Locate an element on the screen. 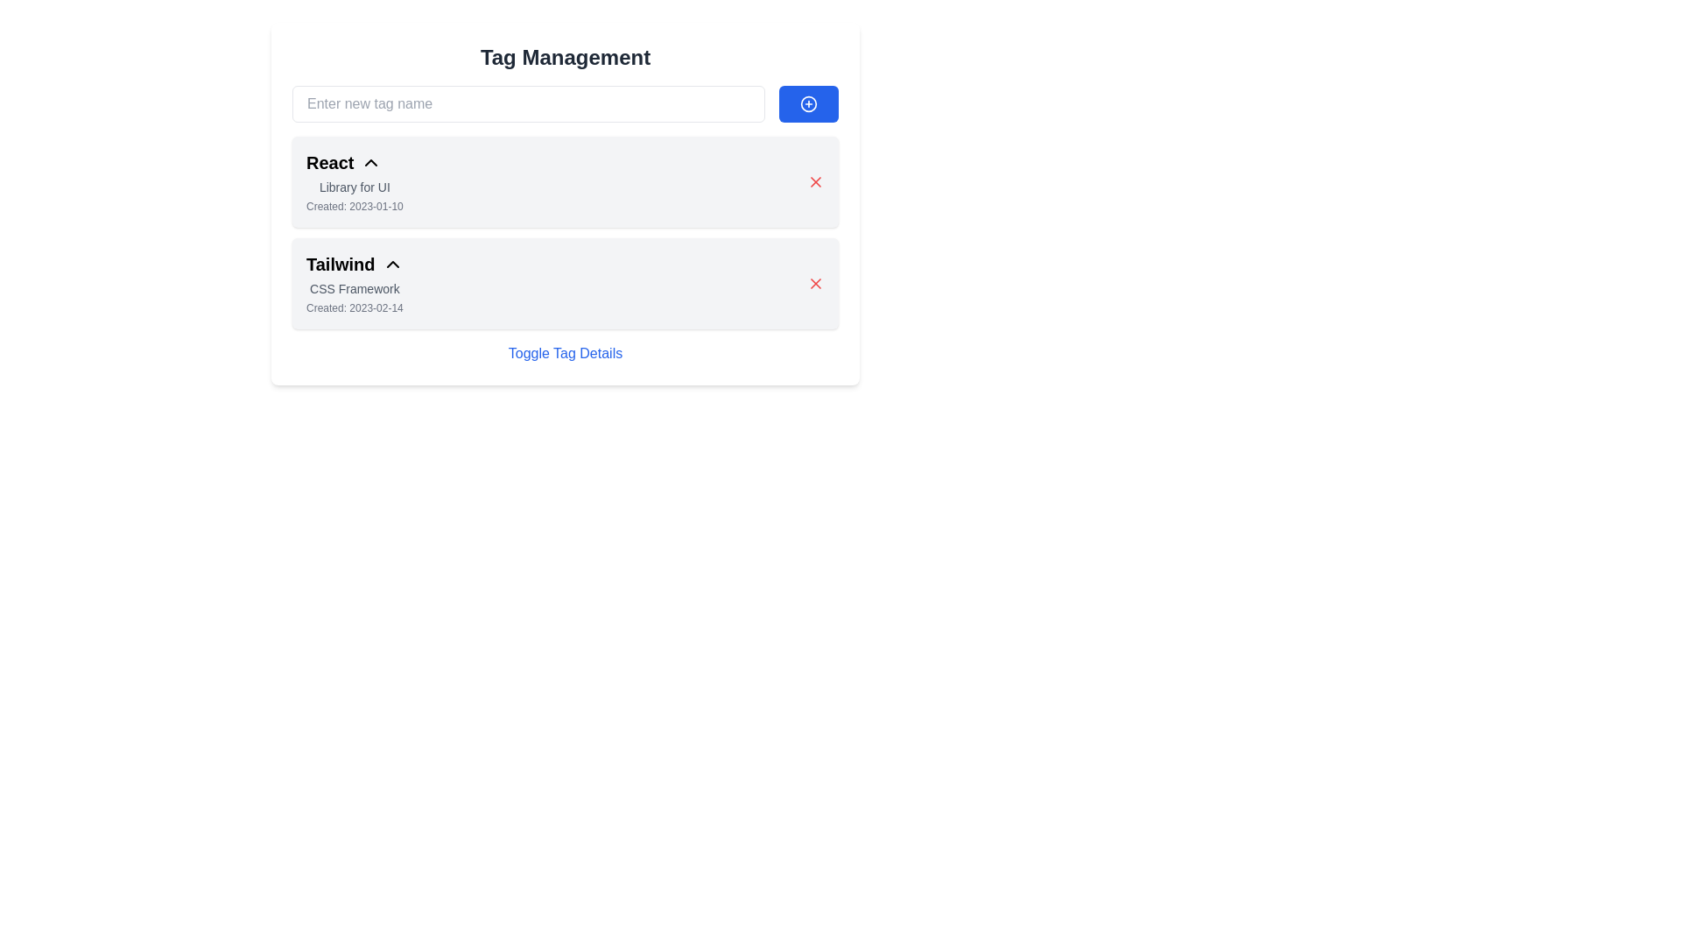 This screenshot has height=946, width=1681. the text label 'Library for UI', which is displayed in gray color and is positioned below the title 'React' is located at coordinates (354, 187).